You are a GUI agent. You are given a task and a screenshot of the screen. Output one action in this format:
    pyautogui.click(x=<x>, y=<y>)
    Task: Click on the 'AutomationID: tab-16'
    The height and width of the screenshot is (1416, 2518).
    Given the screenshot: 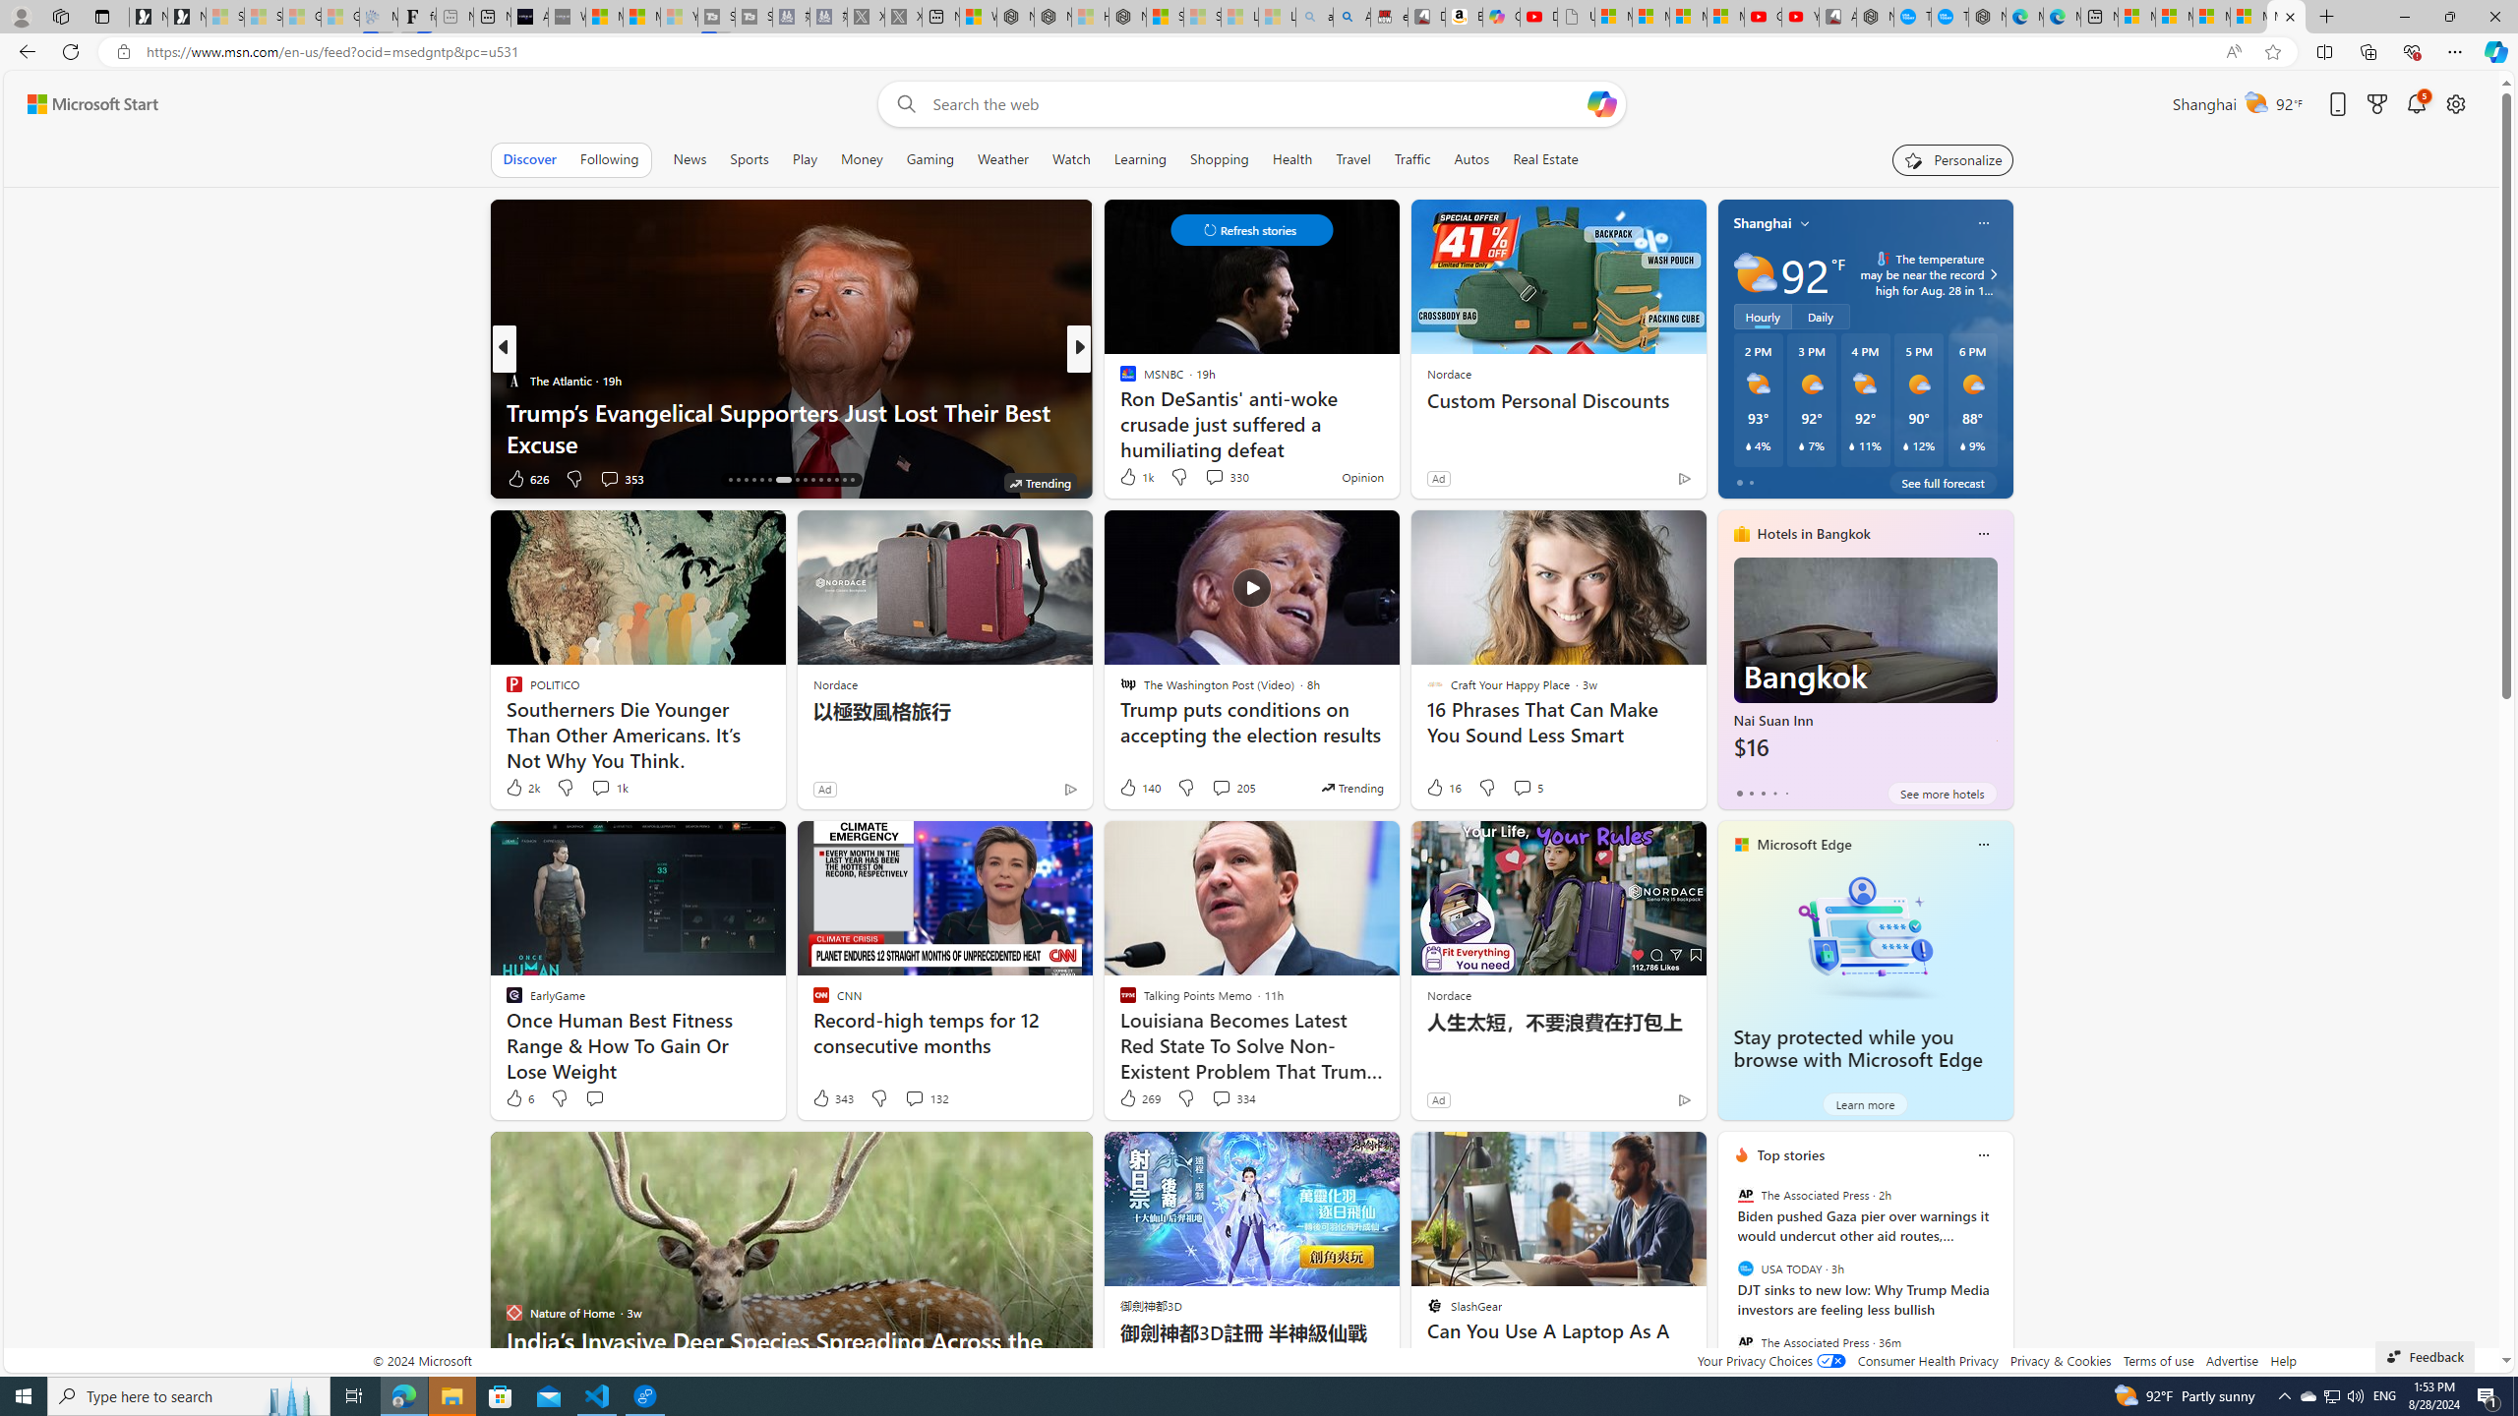 What is the action you would take?
    pyautogui.click(x=729, y=479)
    